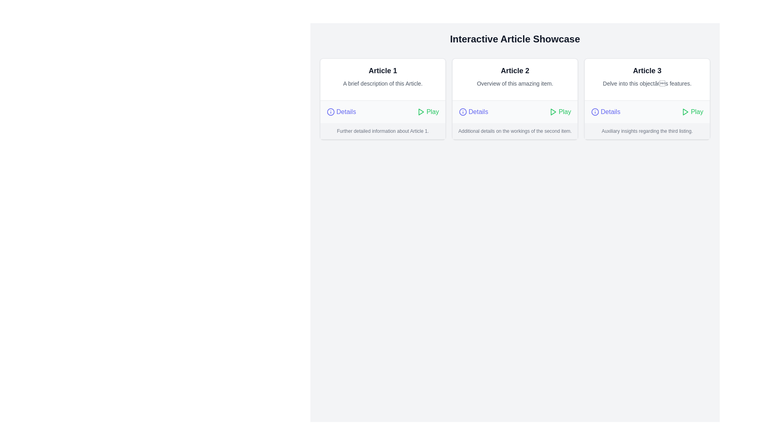 The width and height of the screenshot is (769, 432). I want to click on the 'Details' button, which is styled in indigo with an info icon to the left, located at the bottom section of the 'Article 1' card, so click(341, 112).